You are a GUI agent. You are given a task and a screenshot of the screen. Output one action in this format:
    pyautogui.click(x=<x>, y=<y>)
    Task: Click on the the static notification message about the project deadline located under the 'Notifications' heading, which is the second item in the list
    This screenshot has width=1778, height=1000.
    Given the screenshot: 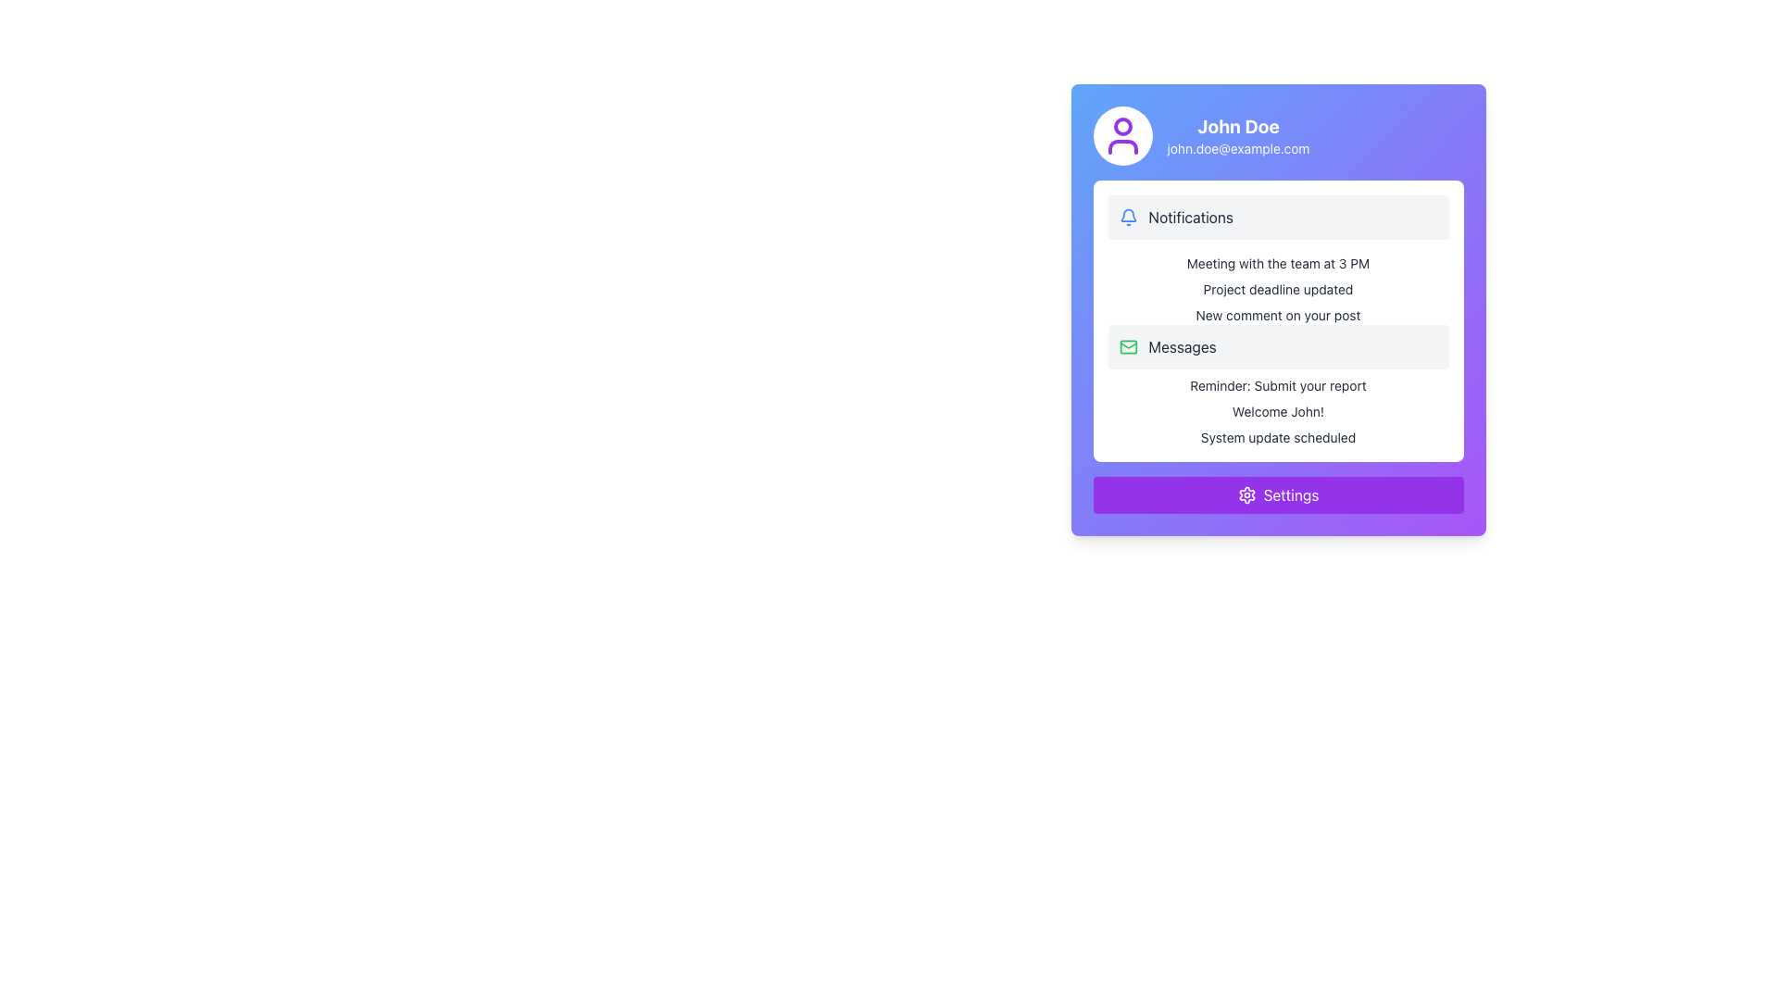 What is the action you would take?
    pyautogui.click(x=1277, y=289)
    